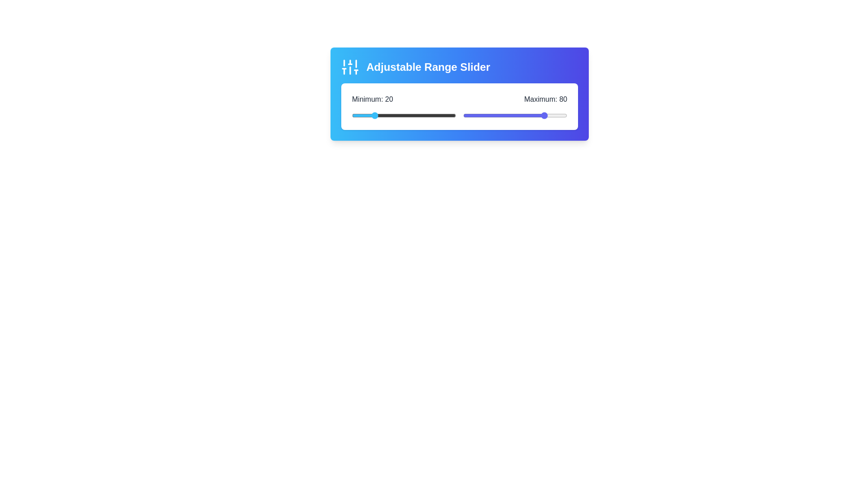 This screenshot has height=484, width=861. What do you see at coordinates (527, 115) in the screenshot?
I see `the slider` at bounding box center [527, 115].